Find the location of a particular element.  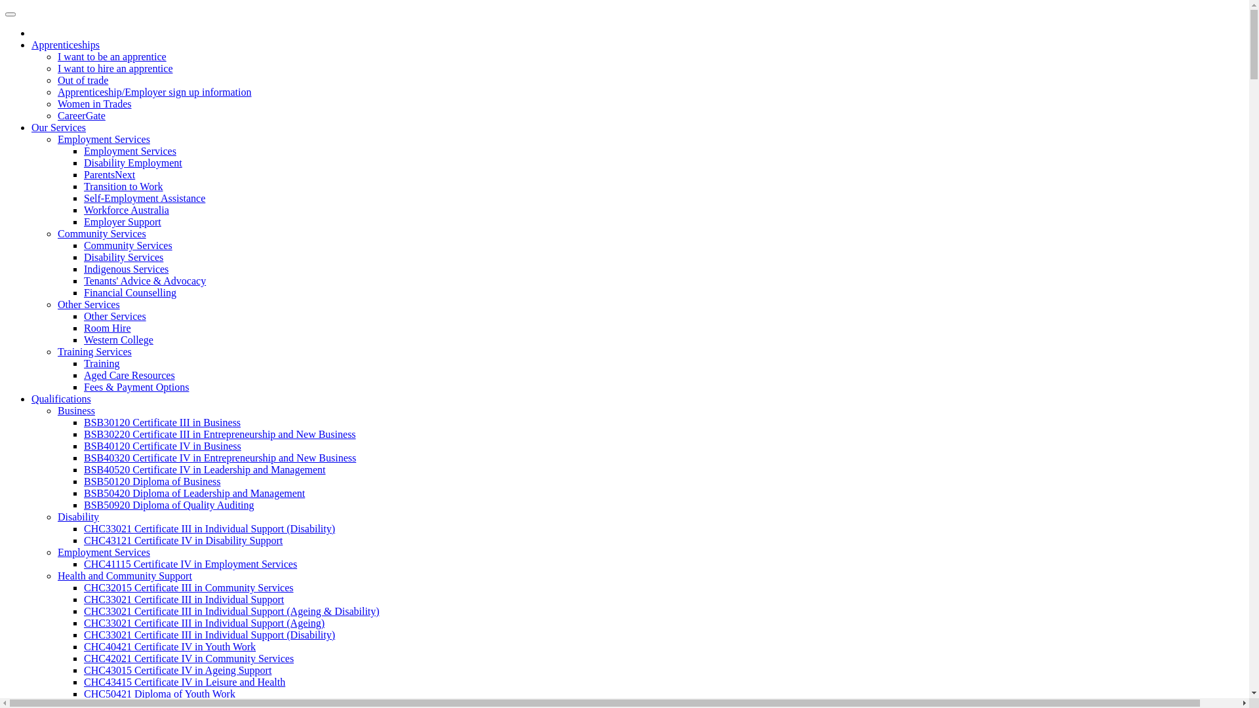

'Workforce Australia' is located at coordinates (83, 209).